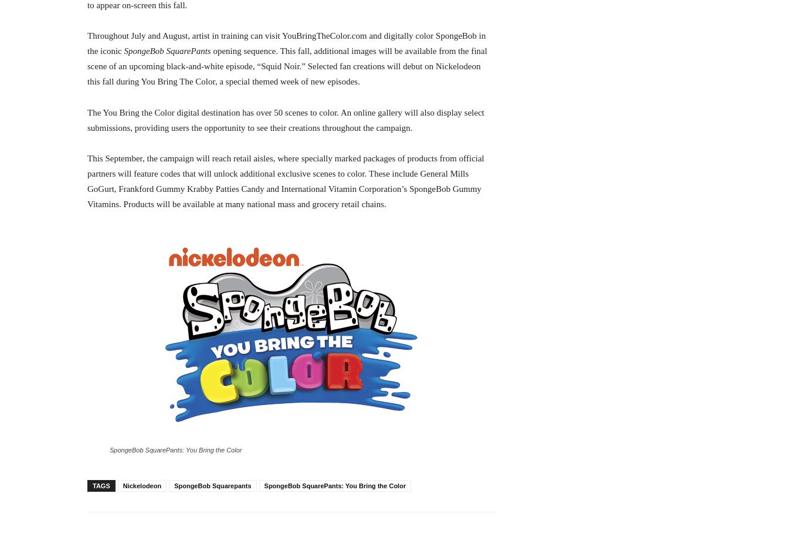  Describe the element at coordinates (287, 66) in the screenshot. I see `'opening sequence. This fall, additional images will be available from the final scene of an upcoming black-and-white episode, “Squid Noir.” Selected fan creations will debut on Nickelodeon this fall during You Bring The Color, a special themed week of new episodes.'` at that location.